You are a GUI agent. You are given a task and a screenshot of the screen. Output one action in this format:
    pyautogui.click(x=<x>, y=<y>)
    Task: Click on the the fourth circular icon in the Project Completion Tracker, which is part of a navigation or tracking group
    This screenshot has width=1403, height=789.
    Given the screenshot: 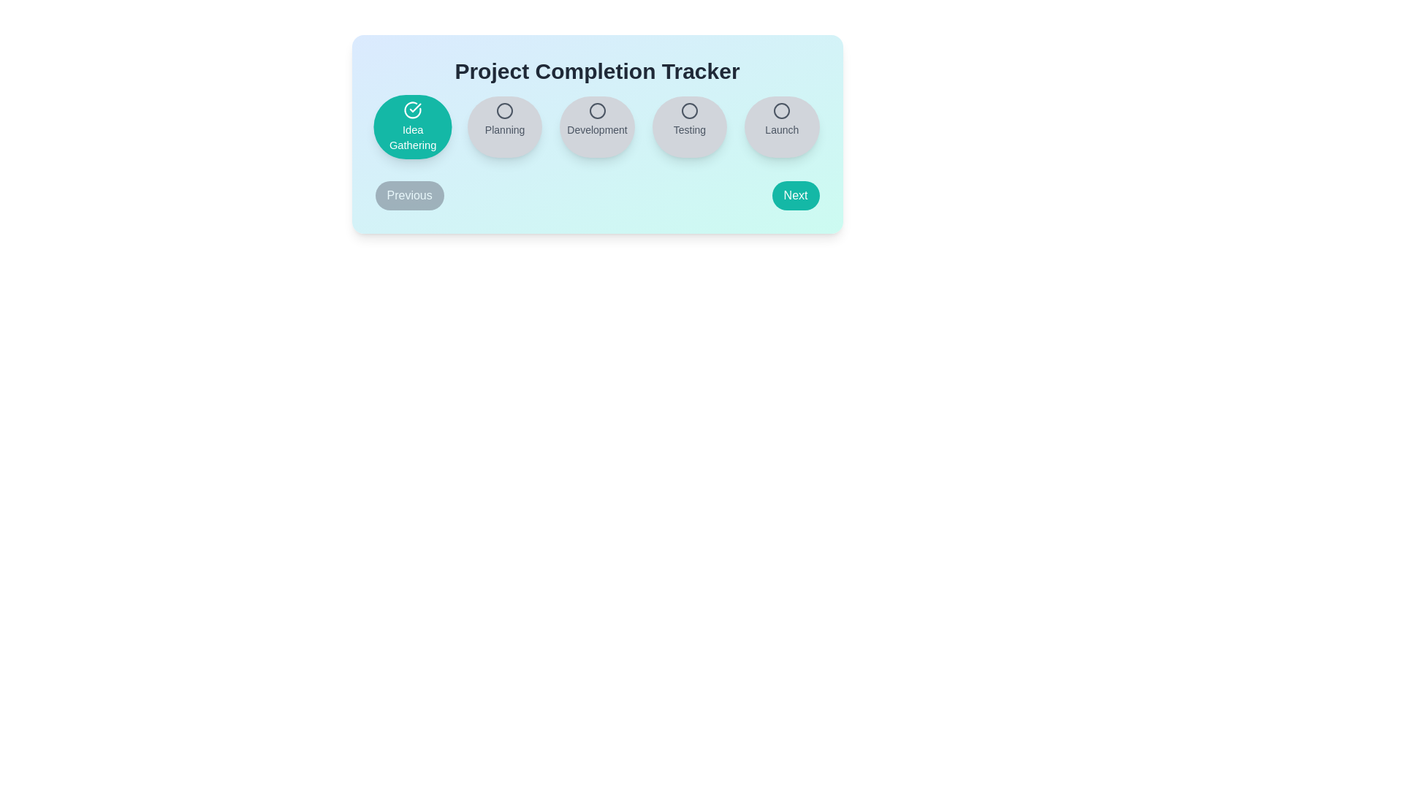 What is the action you would take?
    pyautogui.click(x=688, y=110)
    